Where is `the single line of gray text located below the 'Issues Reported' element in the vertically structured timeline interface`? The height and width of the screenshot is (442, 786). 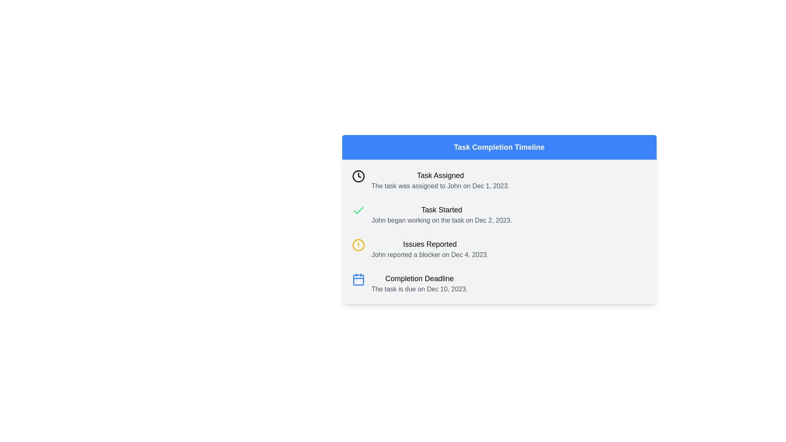 the single line of gray text located below the 'Issues Reported' element in the vertically structured timeline interface is located at coordinates (429, 255).